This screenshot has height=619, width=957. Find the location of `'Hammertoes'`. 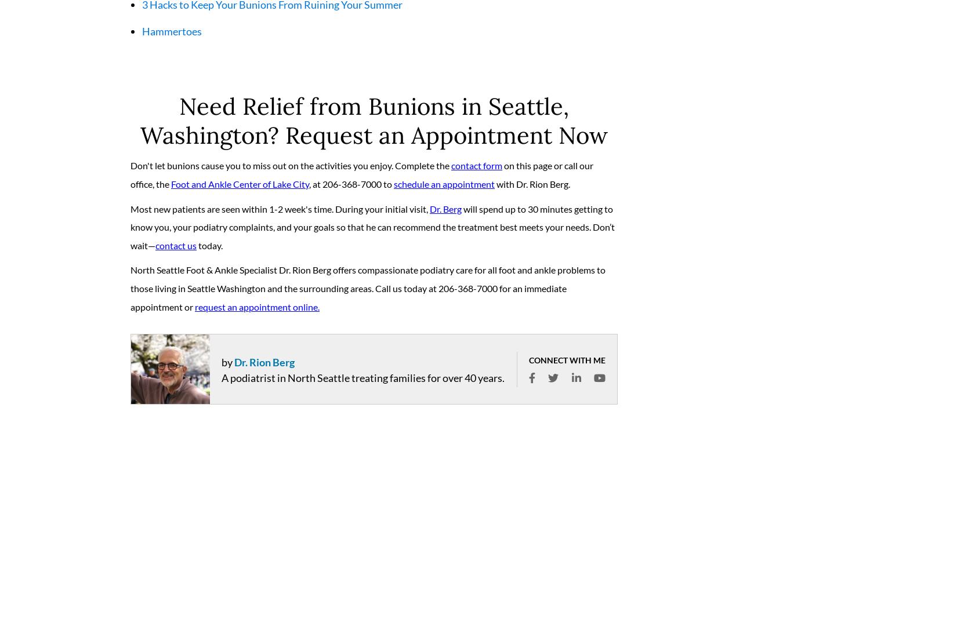

'Hammertoes' is located at coordinates (172, 35).